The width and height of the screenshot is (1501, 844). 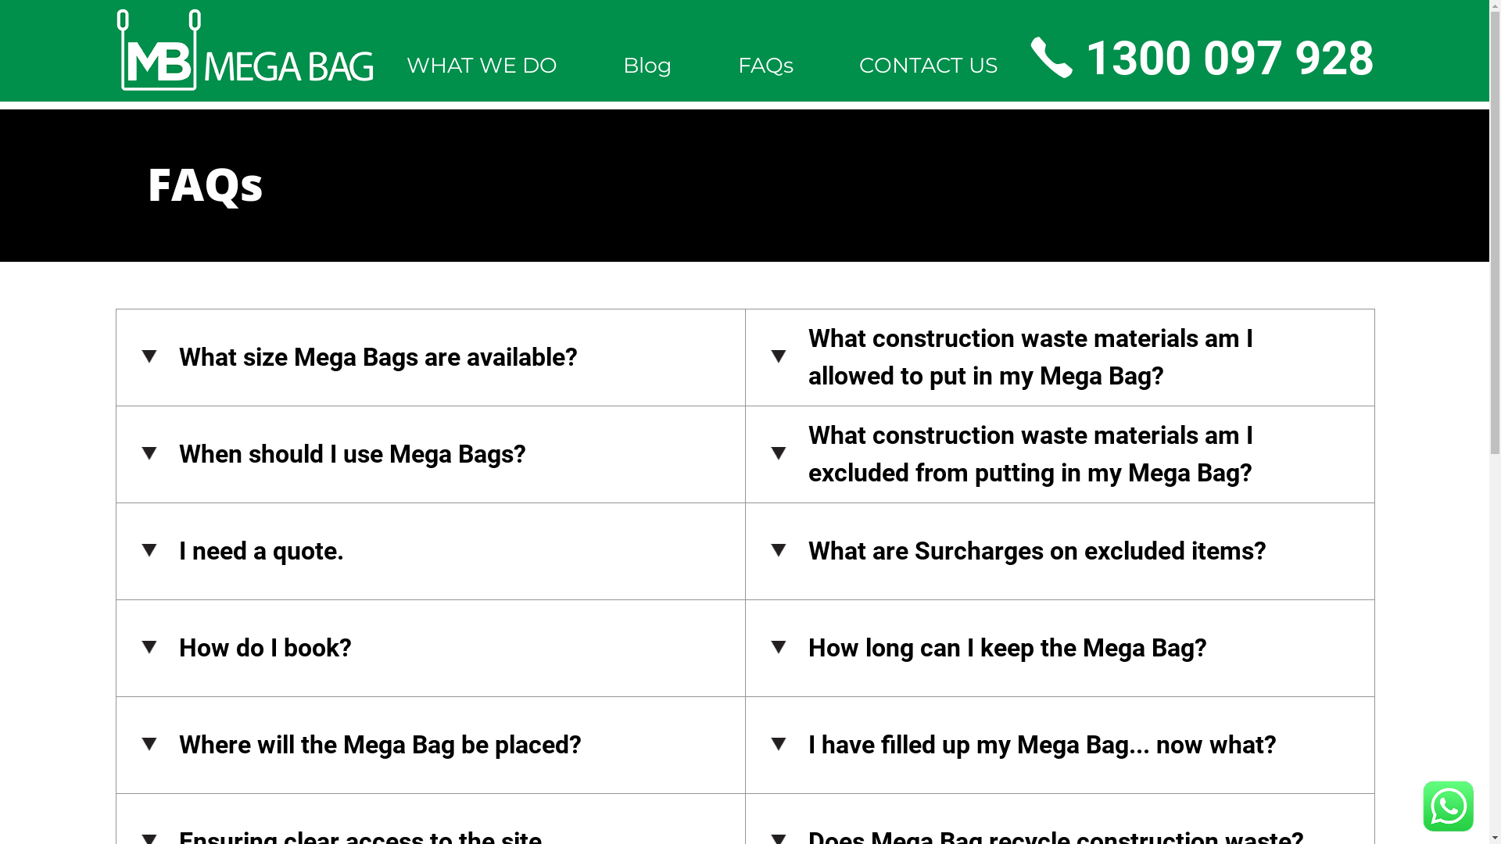 What do you see at coordinates (927, 63) in the screenshot?
I see `'CONTACT US'` at bounding box center [927, 63].